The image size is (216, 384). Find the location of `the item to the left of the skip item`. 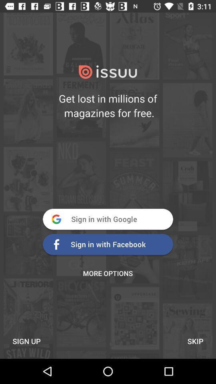

the item to the left of the skip item is located at coordinates (26, 341).